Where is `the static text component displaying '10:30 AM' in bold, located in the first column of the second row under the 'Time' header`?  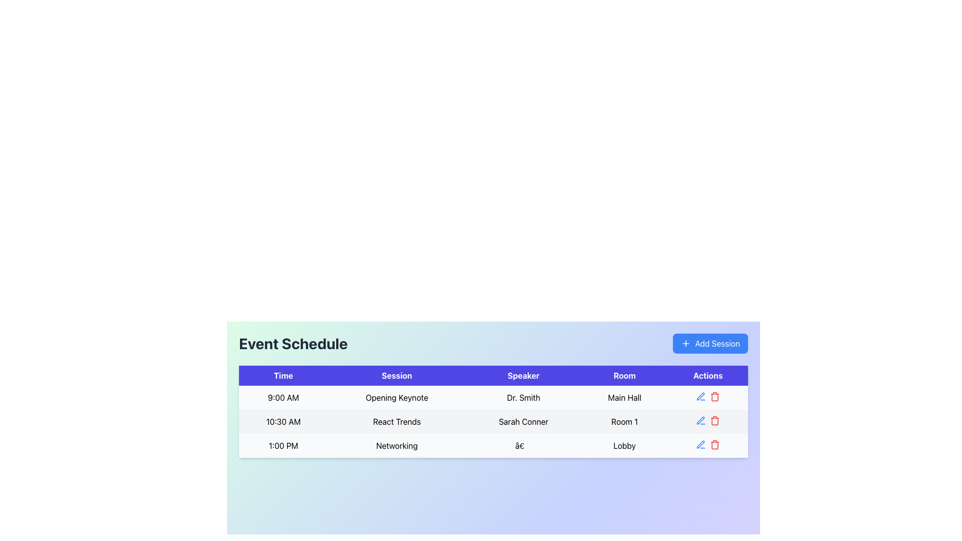 the static text component displaying '10:30 AM' in bold, located in the first column of the second row under the 'Time' header is located at coordinates (283, 421).